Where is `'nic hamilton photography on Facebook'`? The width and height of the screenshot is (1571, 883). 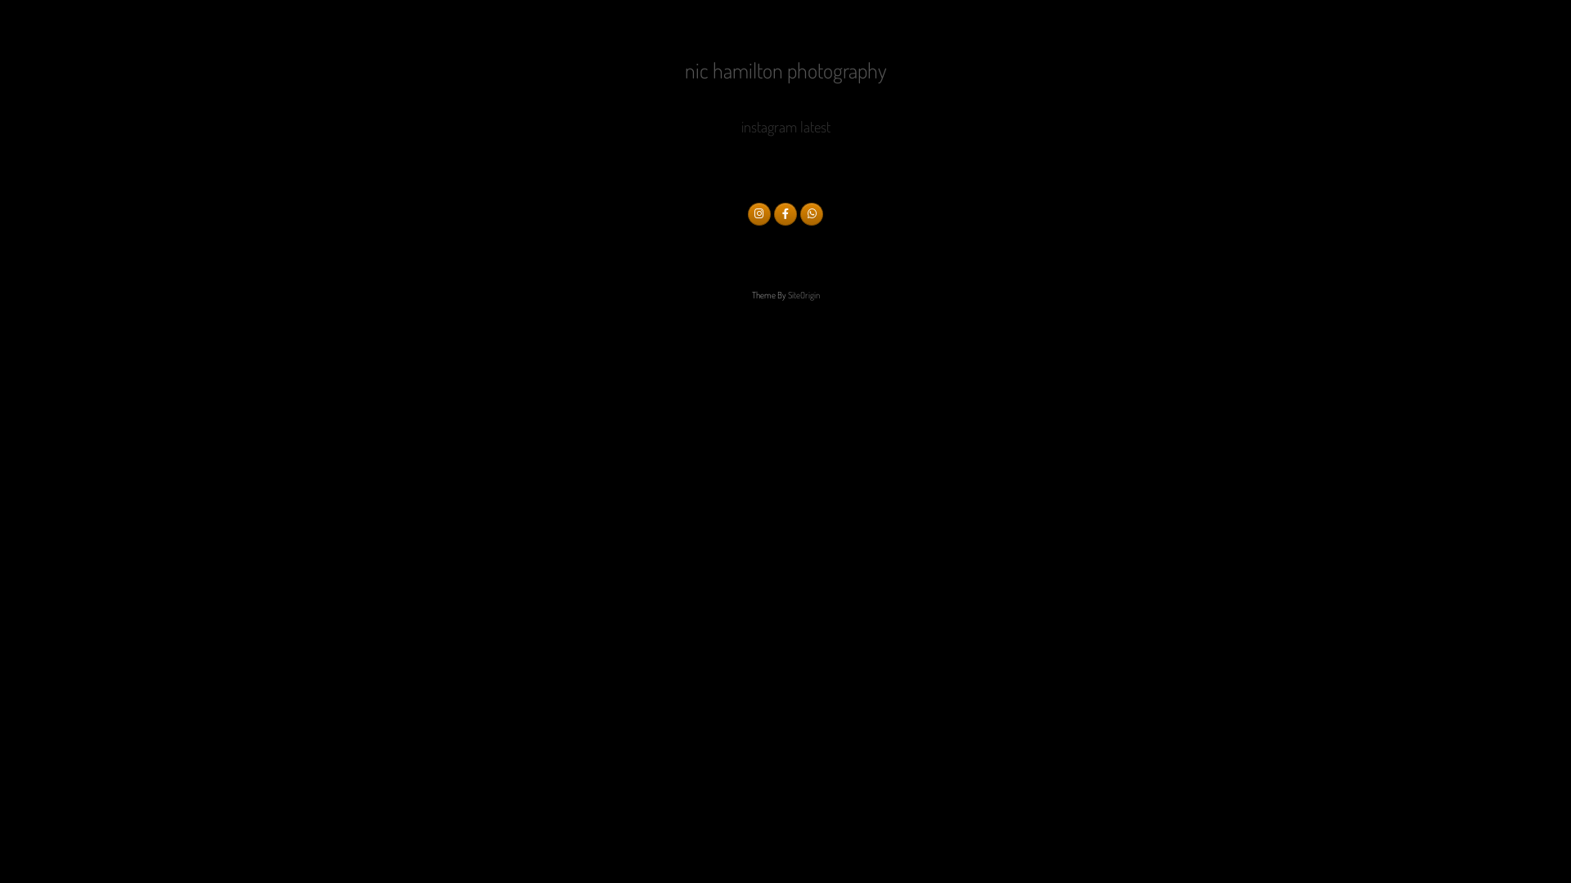 'nic hamilton photography on Facebook' is located at coordinates (785, 213).